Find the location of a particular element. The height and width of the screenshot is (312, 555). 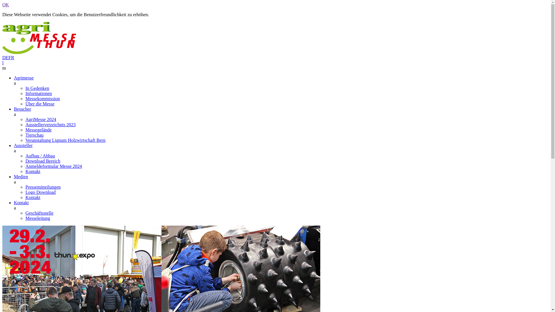

'Medien' is located at coordinates (14, 176).